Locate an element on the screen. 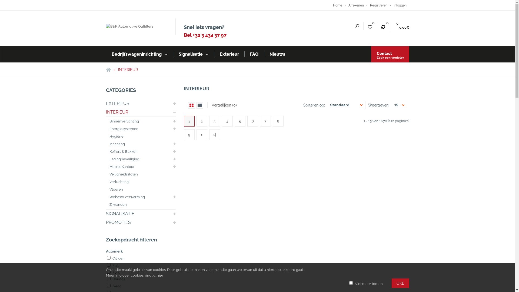 This screenshot has width=519, height=292. 'Home' is located at coordinates (337, 5).